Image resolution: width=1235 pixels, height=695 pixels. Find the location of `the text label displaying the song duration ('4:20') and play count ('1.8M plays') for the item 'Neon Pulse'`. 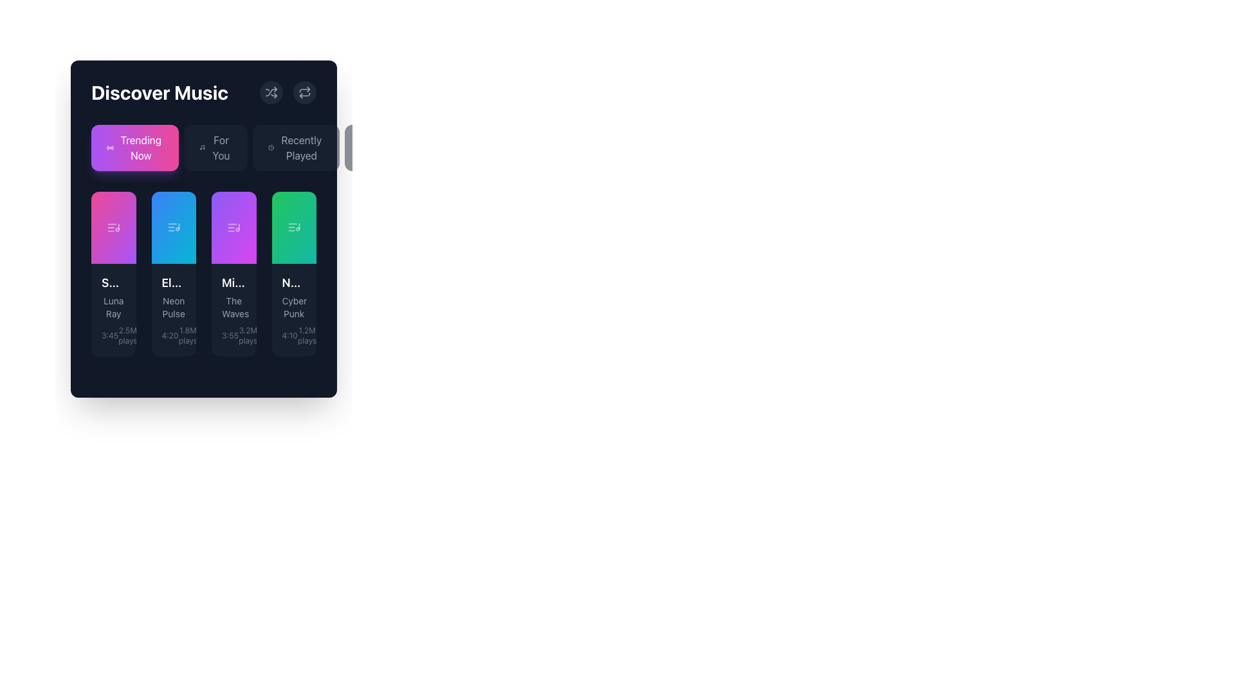

the text label displaying the song duration ('4:20') and play count ('1.8M plays') for the item 'Neon Pulse' is located at coordinates (173, 335).